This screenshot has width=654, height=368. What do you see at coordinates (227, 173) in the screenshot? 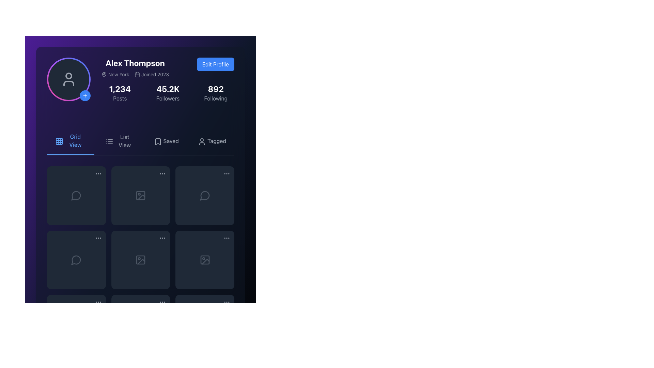
I see `the Ellipsis menu icon located in the top-right corner of the rightmost card in the first row of the grid layout` at bounding box center [227, 173].